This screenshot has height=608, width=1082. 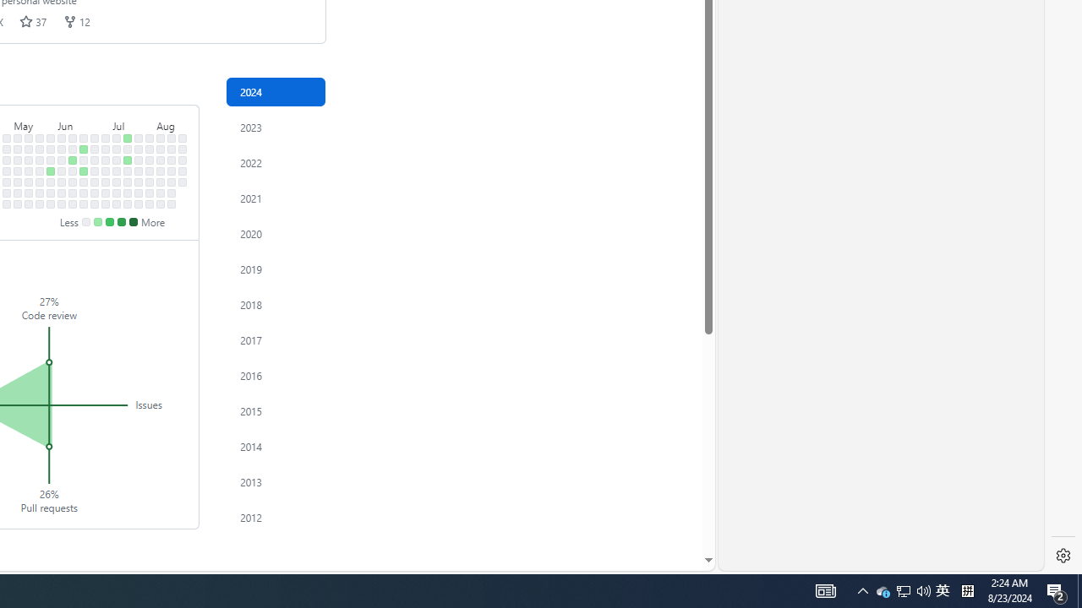 What do you see at coordinates (18, 137) in the screenshot?
I see `'No contributions on May 5th.'` at bounding box center [18, 137].